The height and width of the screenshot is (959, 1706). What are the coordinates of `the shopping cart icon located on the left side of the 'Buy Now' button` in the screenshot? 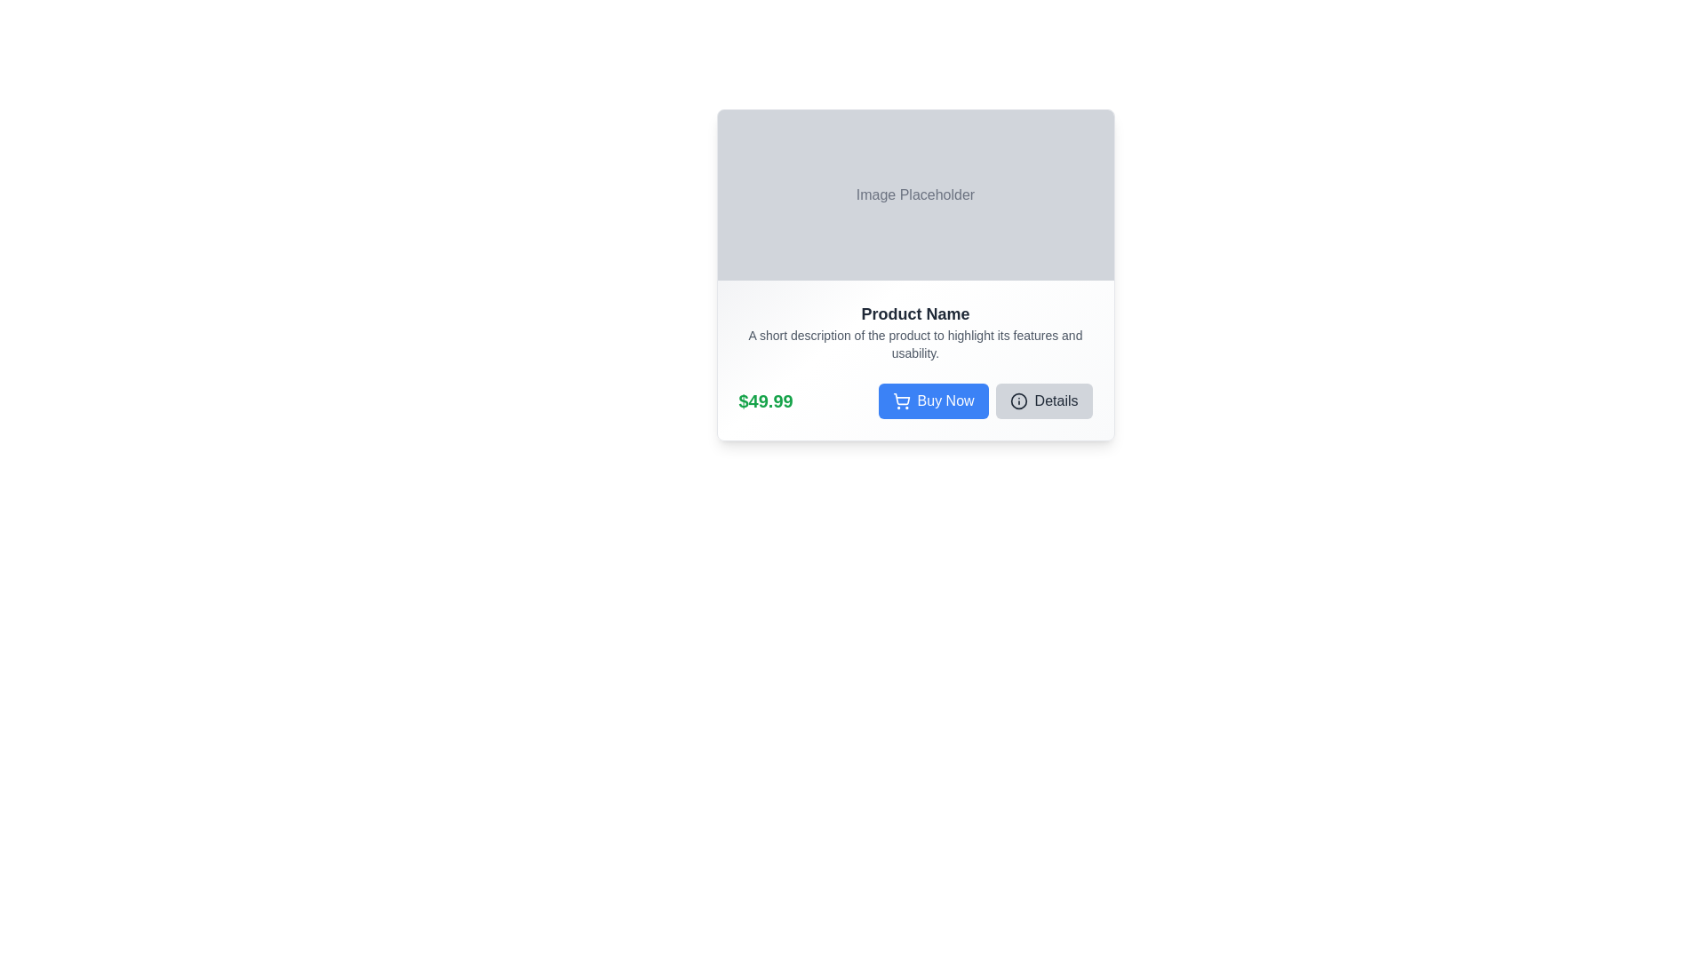 It's located at (901, 400).